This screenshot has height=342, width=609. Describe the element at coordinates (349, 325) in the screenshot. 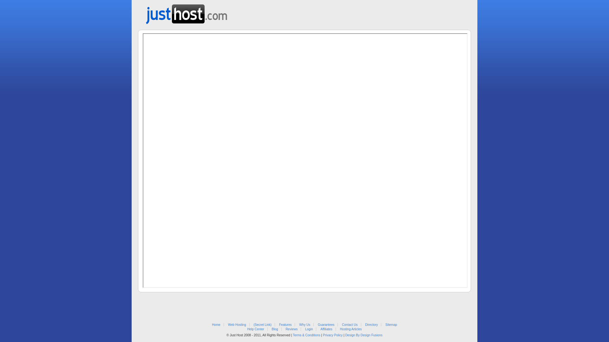

I see `'Contact Us'` at that location.